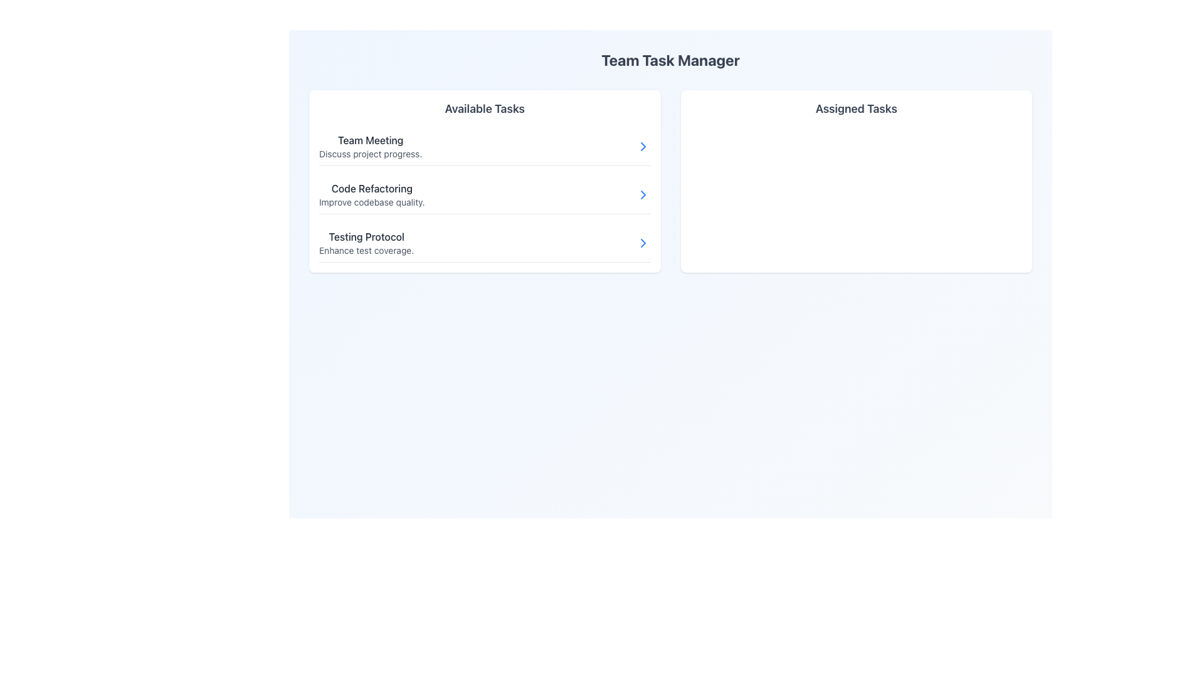  Describe the element at coordinates (371, 195) in the screenshot. I see `the 'Code Refactoring' text display in the 'Available Tasks' section` at that location.